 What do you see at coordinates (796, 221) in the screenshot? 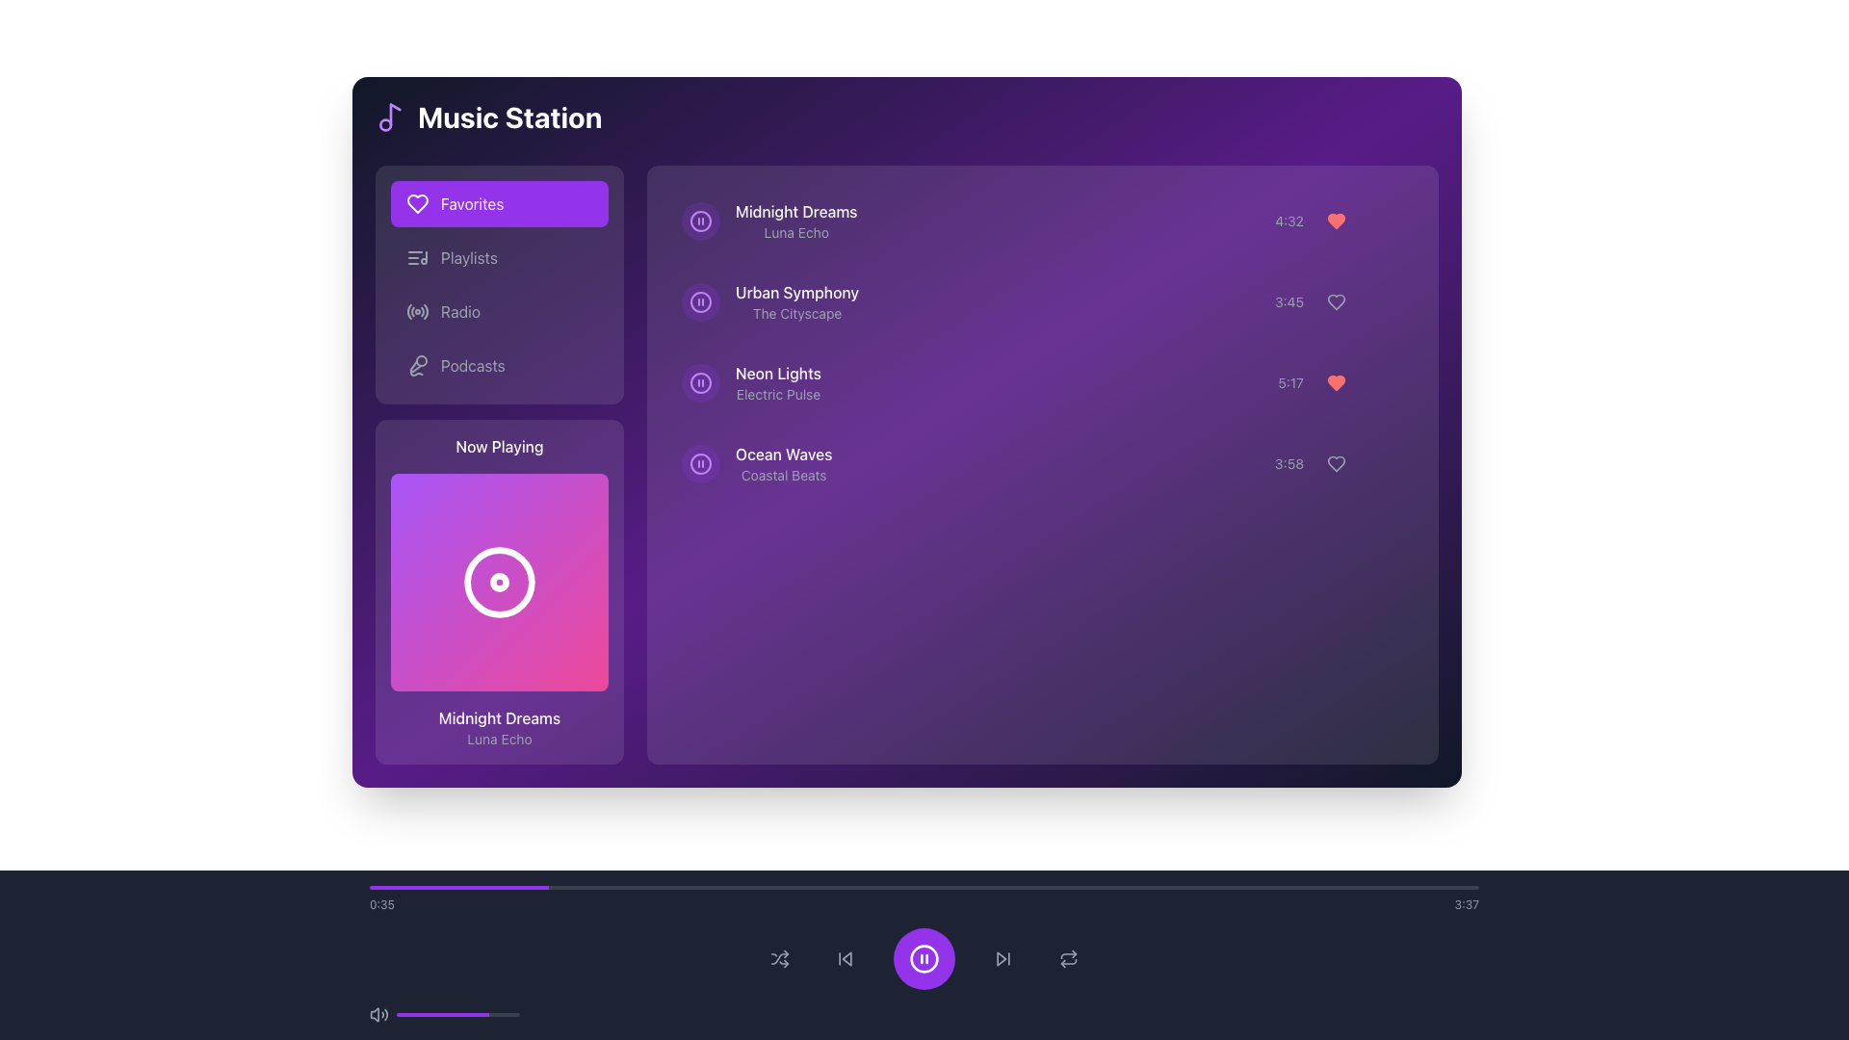
I see `text label 'Midnight Dreams' and 'Luna Echo' located at the top of the 'Now Playing' list section, which is styled with a bold, larger font in white and a smaller, lighter gray font respectively` at bounding box center [796, 221].